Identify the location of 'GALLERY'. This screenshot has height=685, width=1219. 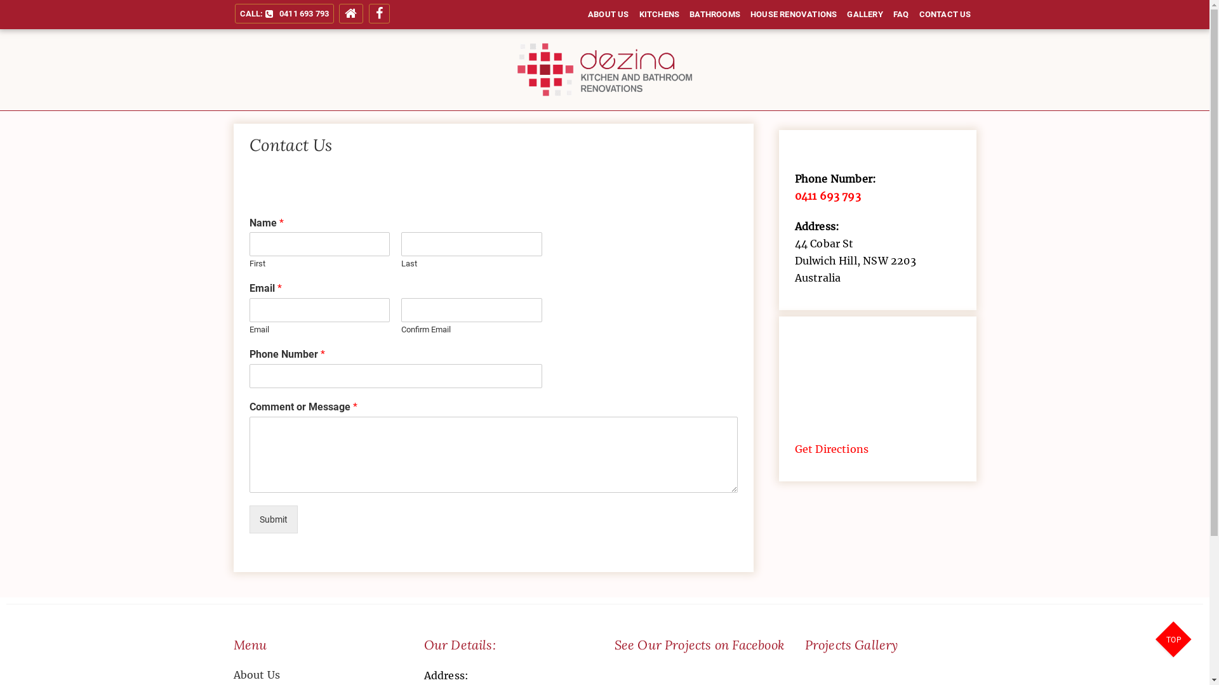
(864, 15).